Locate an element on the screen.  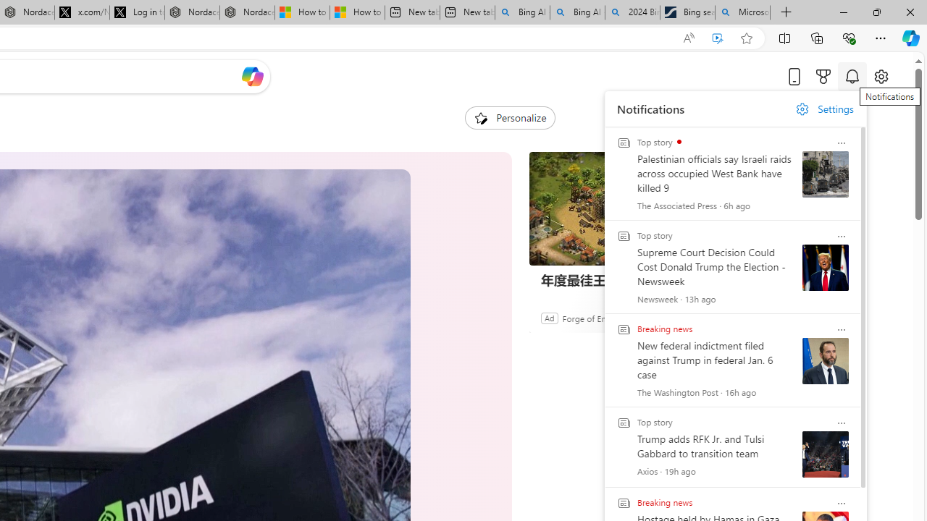
'Bing search market share worldwide 2024 | Statista' is located at coordinates (687, 12).